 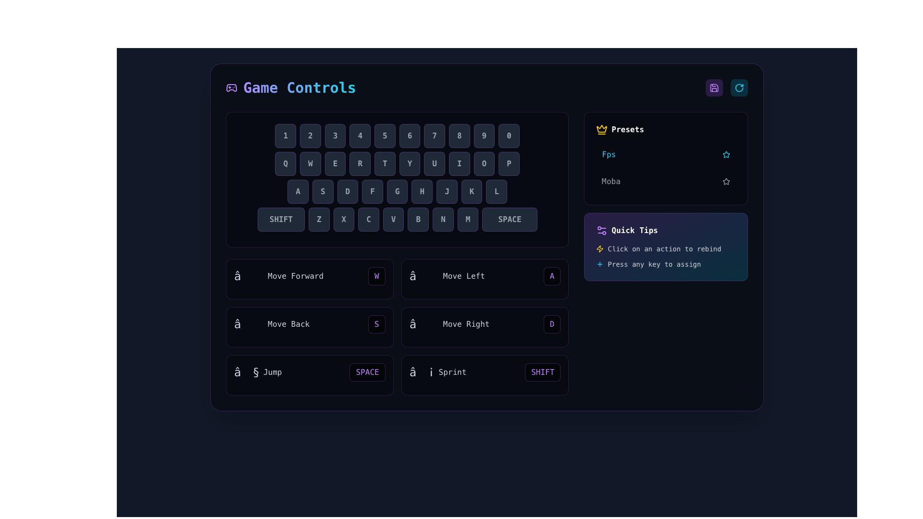 I want to click on the text contained in the 'SPACE' button, a rectangular button with a black background and bold purple font, located in the lower portion of the control mappings grid, so click(x=367, y=372).